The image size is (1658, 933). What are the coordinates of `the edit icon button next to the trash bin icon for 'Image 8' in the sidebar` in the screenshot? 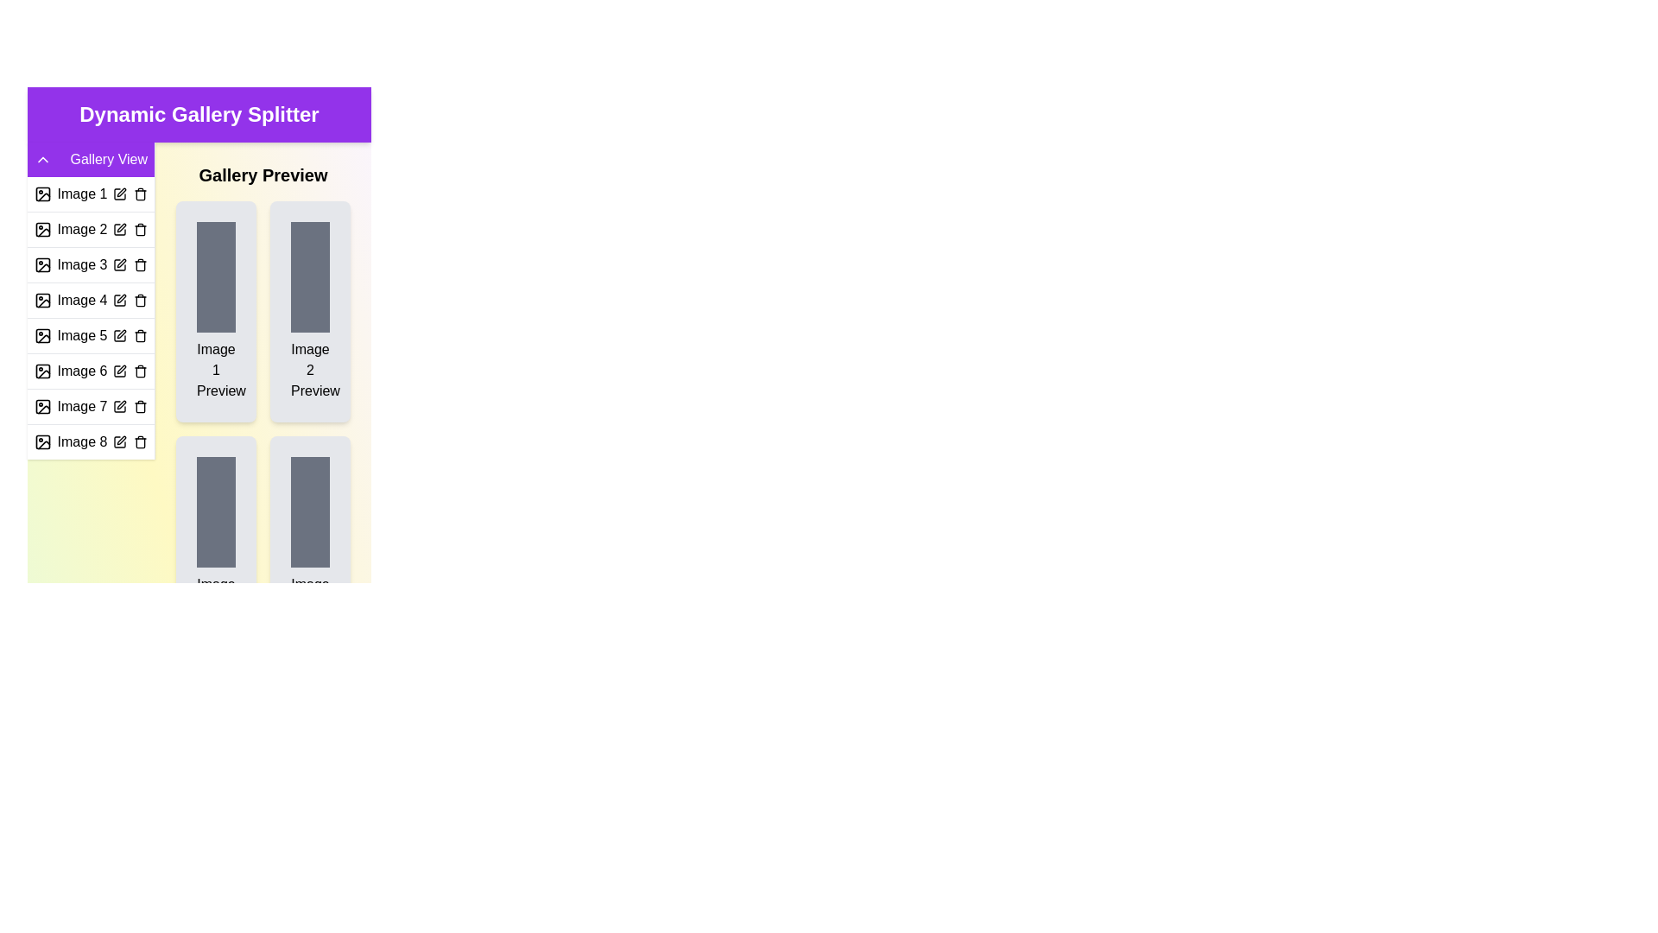 It's located at (120, 439).